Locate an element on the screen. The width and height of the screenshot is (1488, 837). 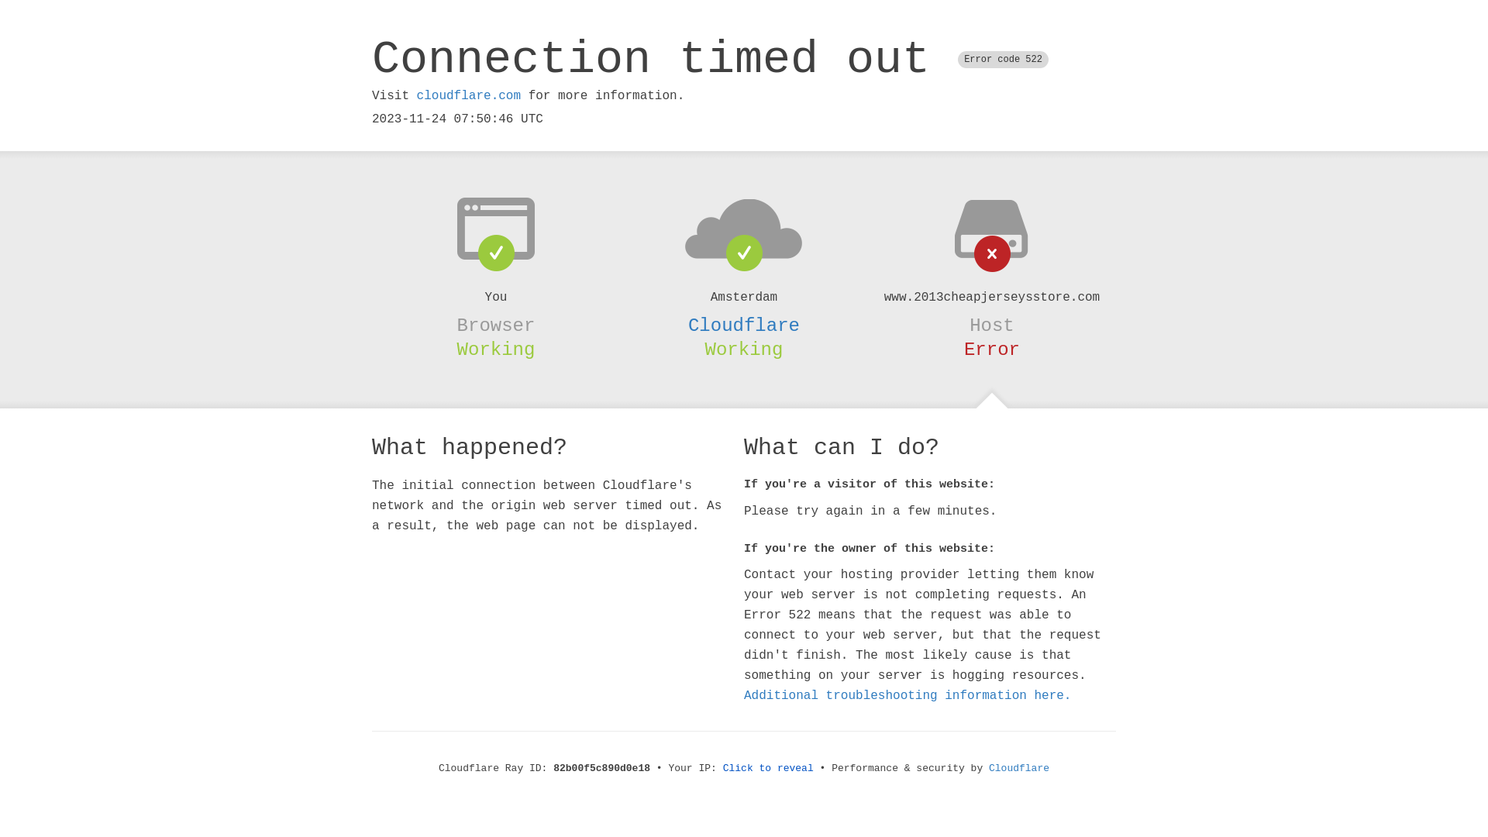
'cloudflare.com' is located at coordinates (416, 95).